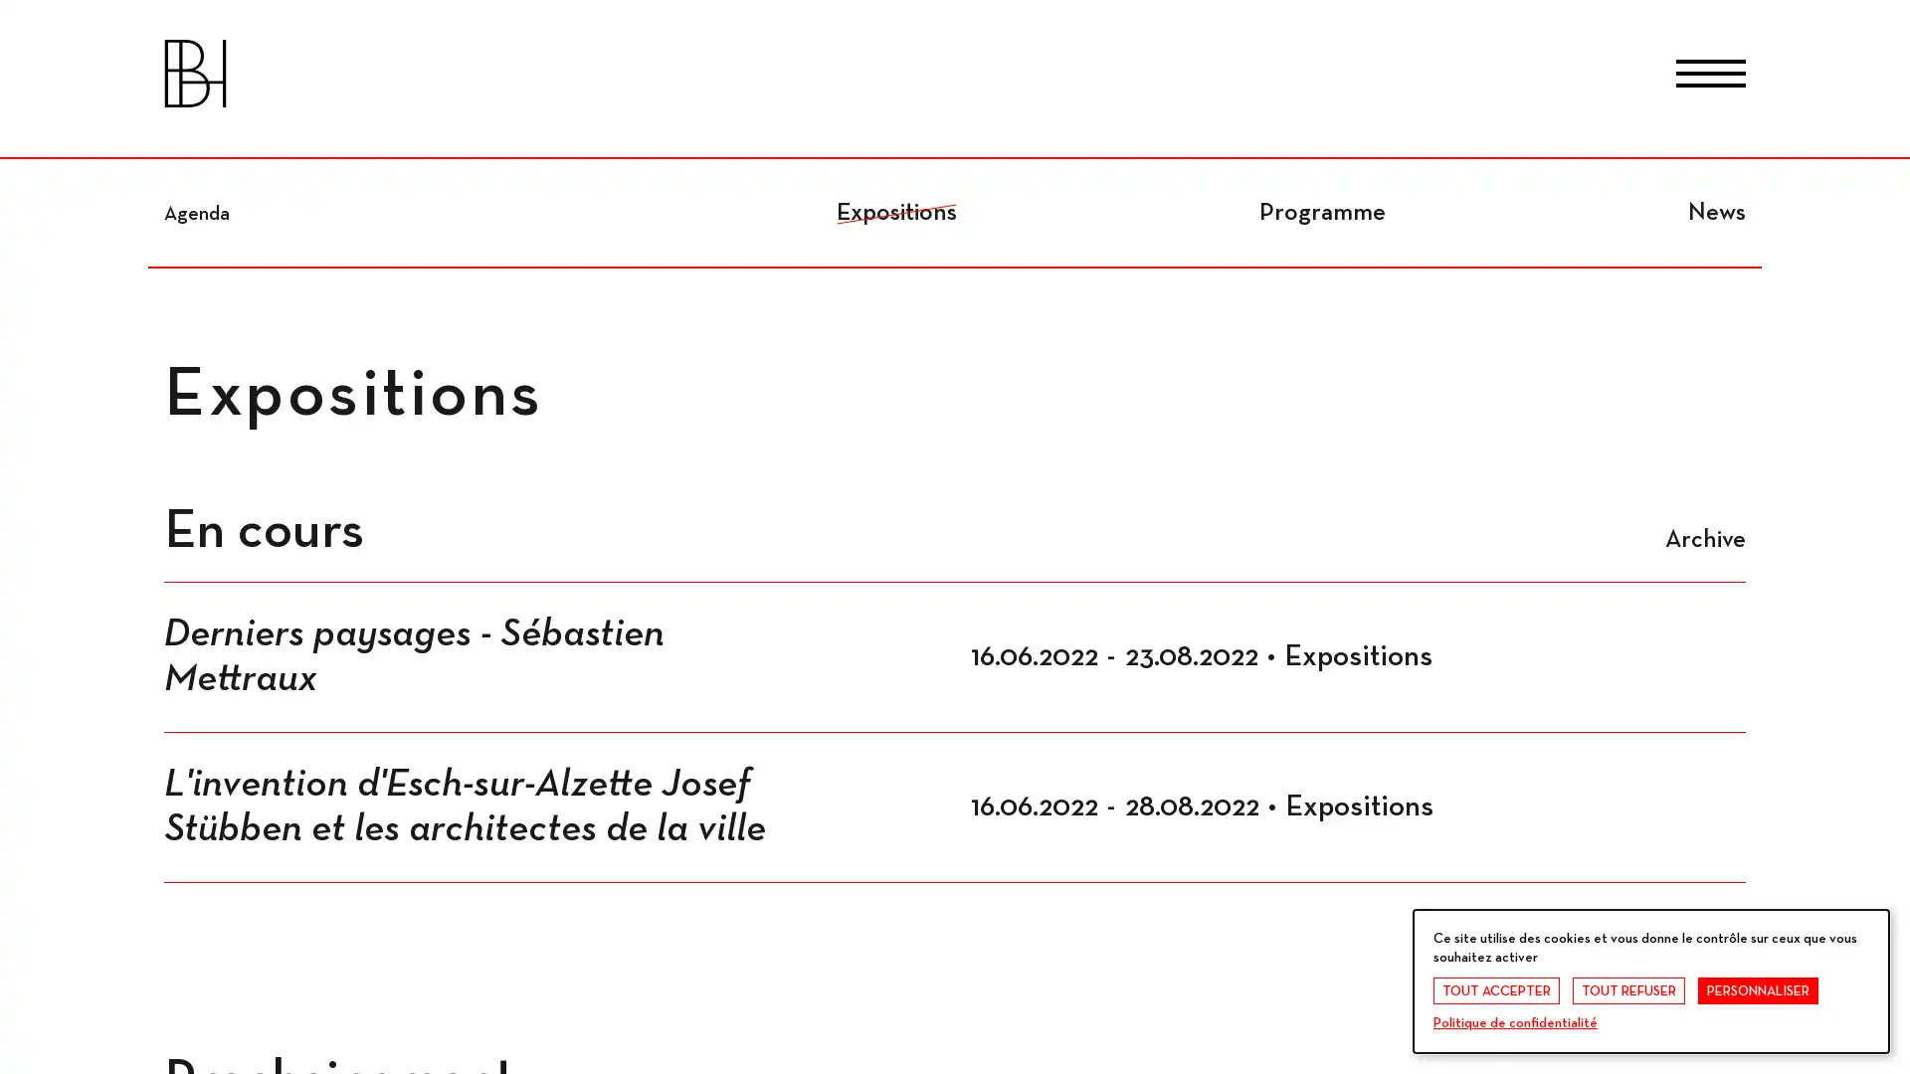 The image size is (1910, 1074). What do you see at coordinates (1628, 990) in the screenshot?
I see `TOUT REFUSER` at bounding box center [1628, 990].